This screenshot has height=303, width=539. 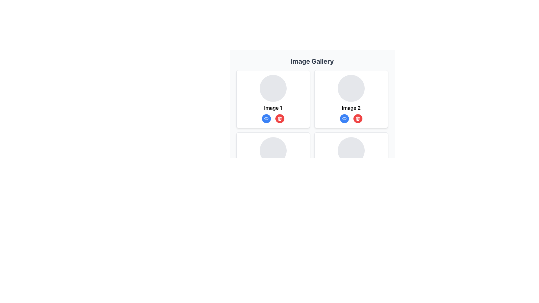 What do you see at coordinates (266, 118) in the screenshot?
I see `the first button located underneath the item labeled 'Image 1'` at bounding box center [266, 118].